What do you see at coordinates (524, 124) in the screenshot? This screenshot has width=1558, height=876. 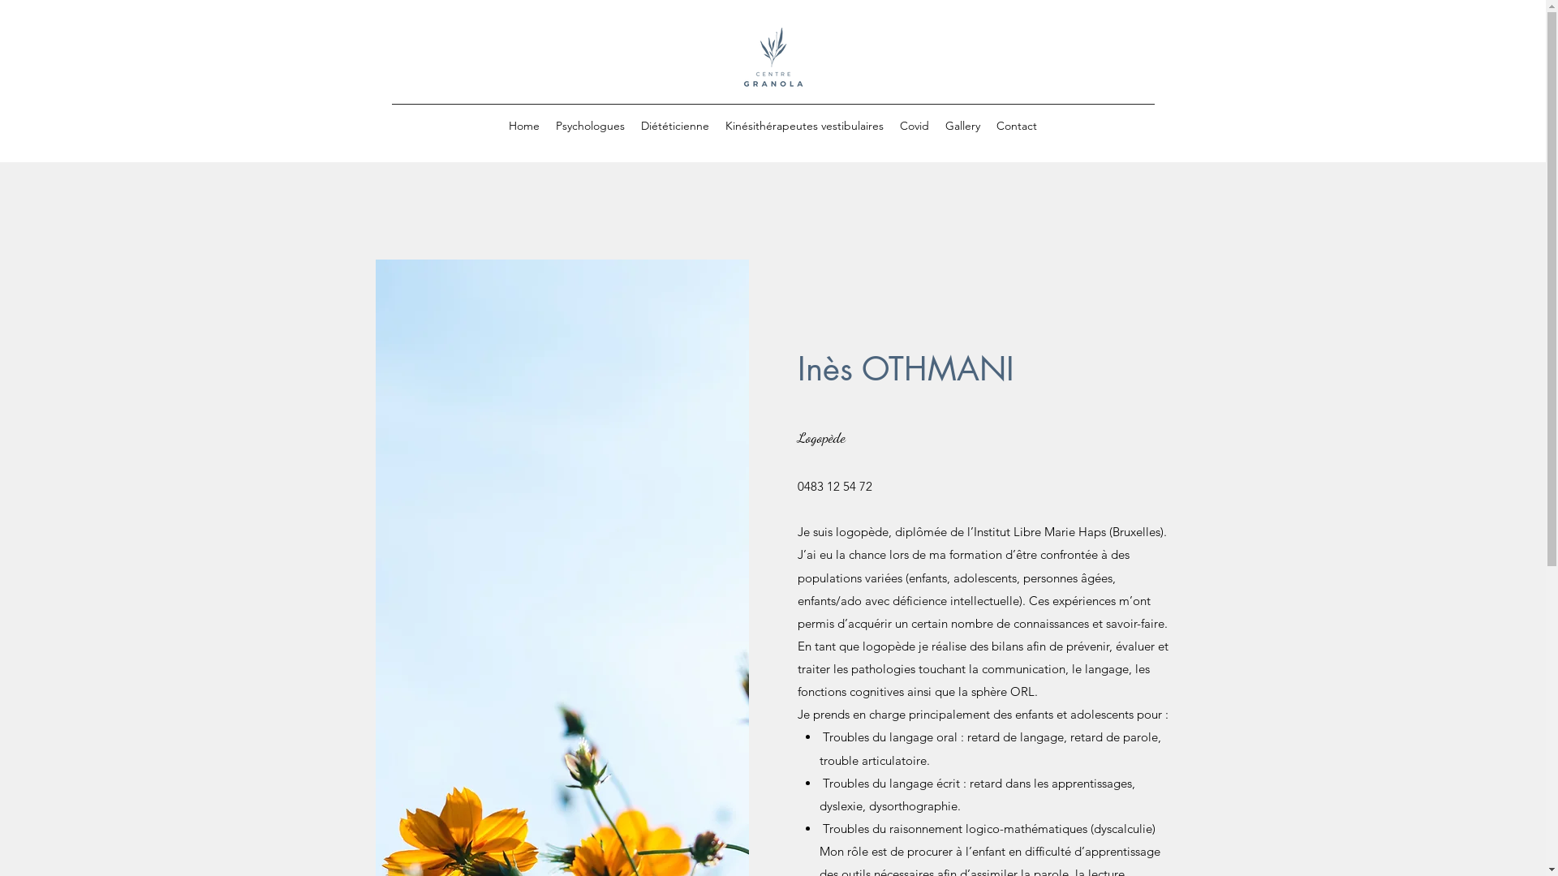 I see `'Home'` at bounding box center [524, 124].